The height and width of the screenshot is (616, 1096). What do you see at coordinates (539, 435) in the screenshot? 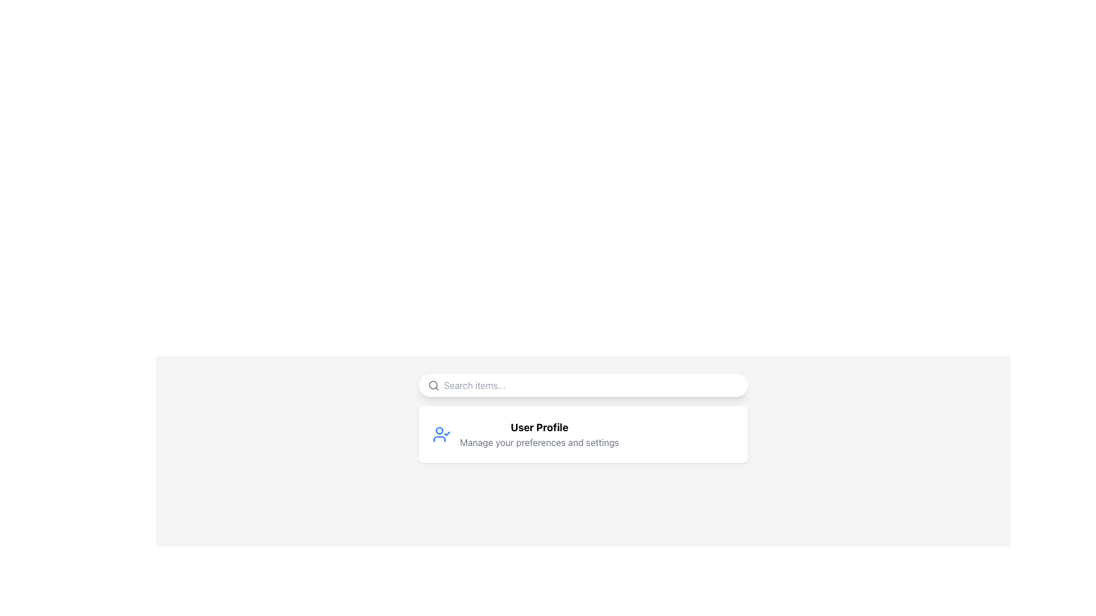
I see `the 'User Profile' text label displaying 'Manage your preferences and settings'` at bounding box center [539, 435].